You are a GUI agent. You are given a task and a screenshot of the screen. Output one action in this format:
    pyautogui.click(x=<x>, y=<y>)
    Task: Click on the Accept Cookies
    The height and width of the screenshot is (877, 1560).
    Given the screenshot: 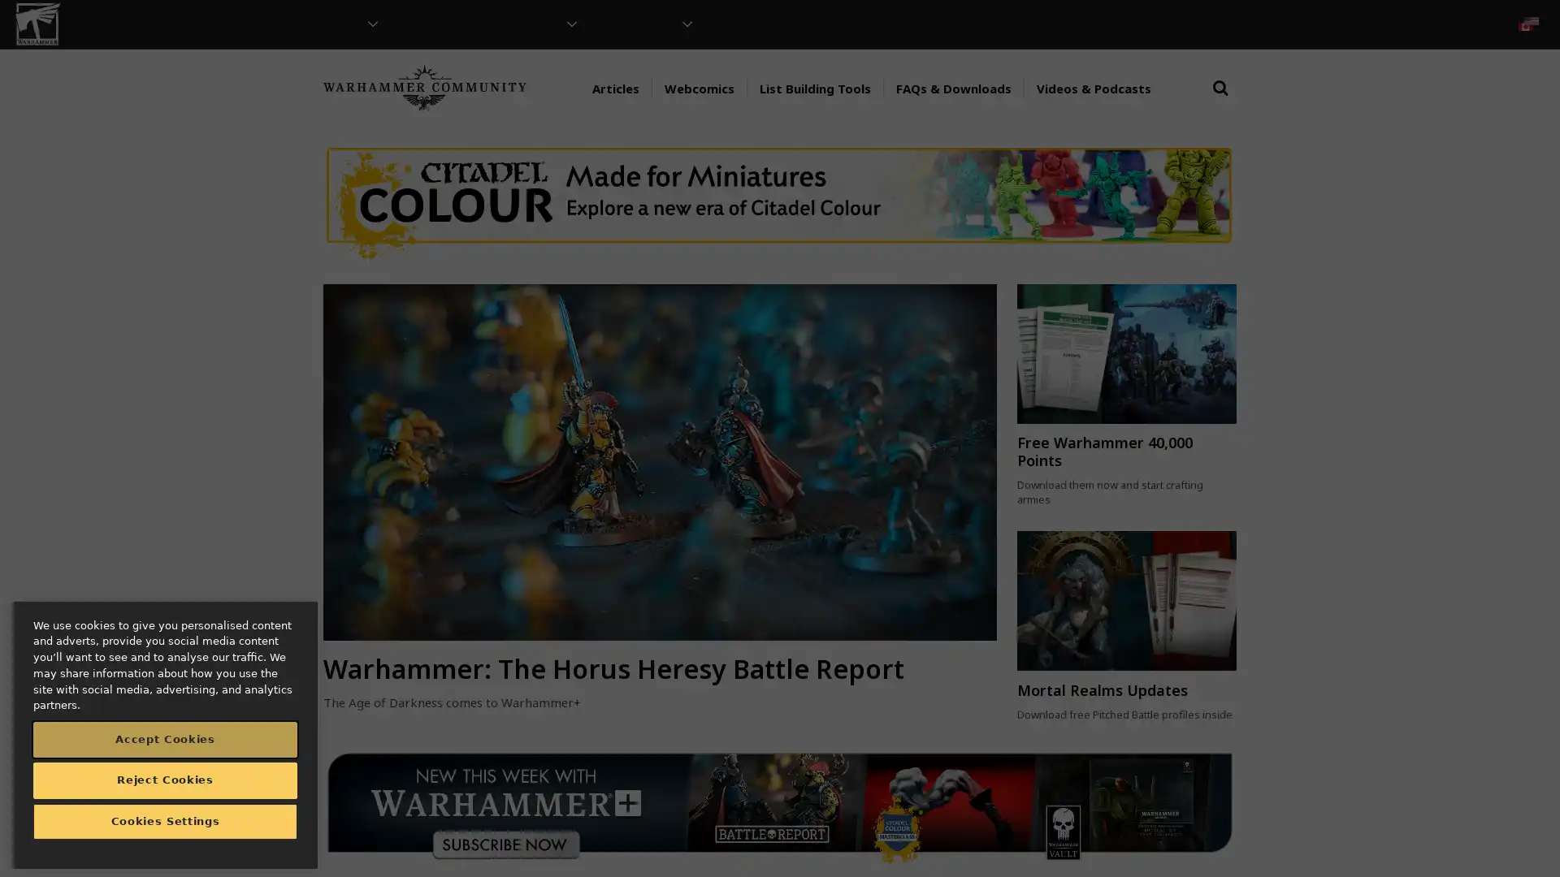 What is the action you would take?
    pyautogui.click(x=165, y=739)
    